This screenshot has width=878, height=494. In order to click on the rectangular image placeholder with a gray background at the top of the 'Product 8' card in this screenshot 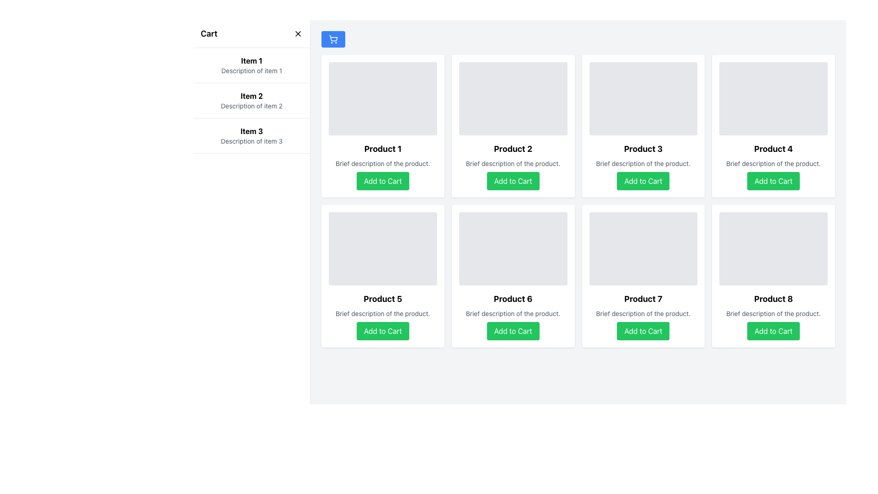, I will do `click(773, 248)`.